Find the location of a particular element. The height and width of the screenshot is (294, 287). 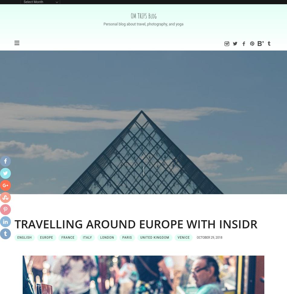

'Europe' is located at coordinates (46, 237).